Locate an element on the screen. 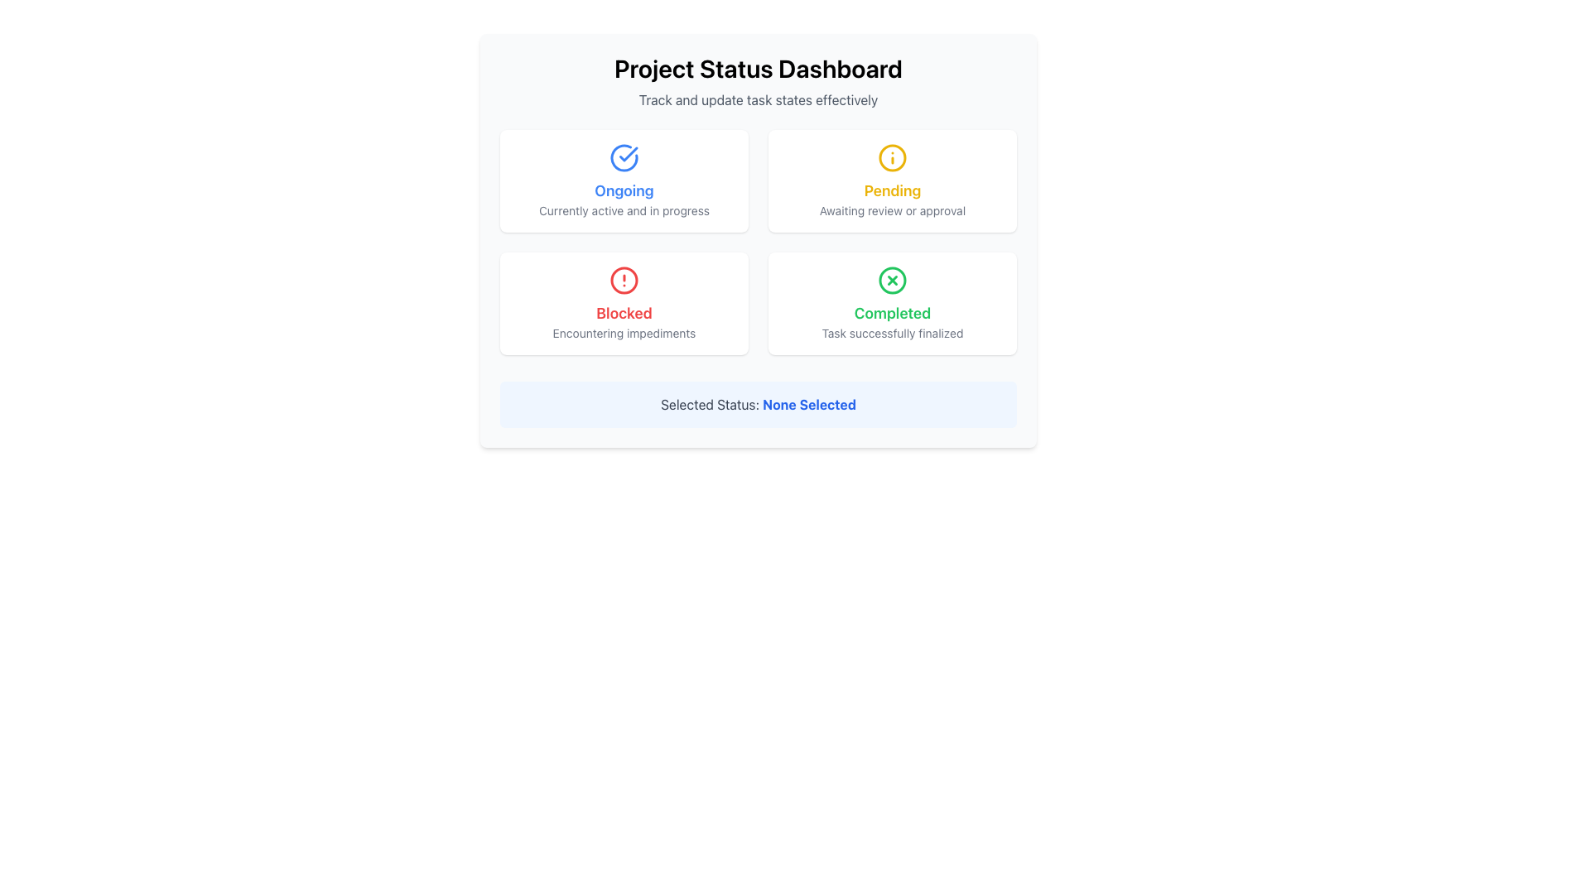 This screenshot has width=1590, height=894. the text label that reads 'Currently active and in progress' located below the 'Ongoing' heading in the top-left card of the interface is located at coordinates (623, 209).